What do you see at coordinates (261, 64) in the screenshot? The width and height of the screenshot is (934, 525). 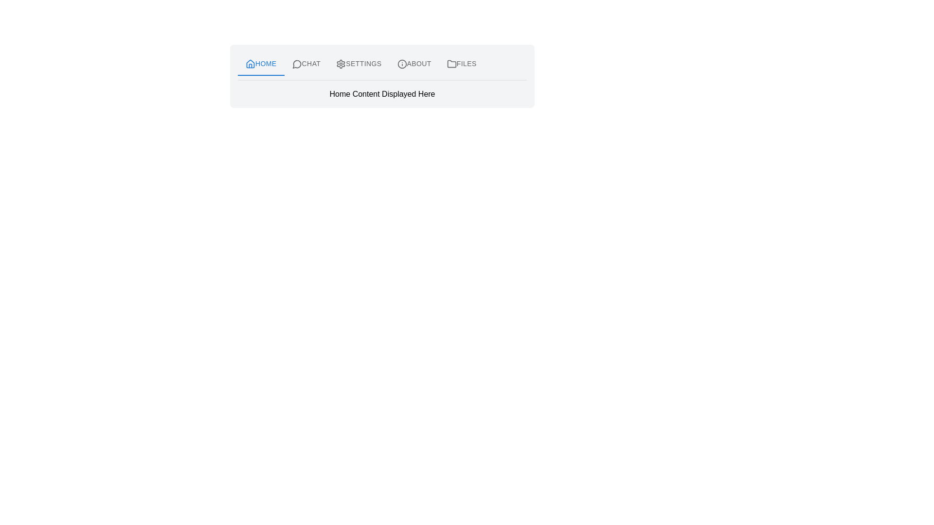 I see `the 'Home' tab with a house icon, which is the first tab in the tab bar at the top center of the interface` at bounding box center [261, 64].